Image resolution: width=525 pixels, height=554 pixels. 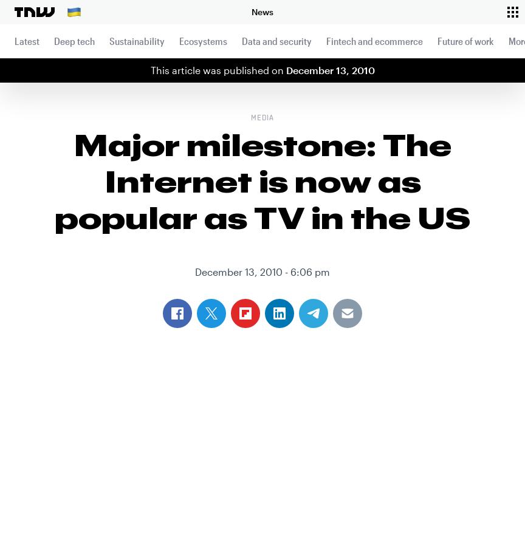 What do you see at coordinates (329, 69) in the screenshot?
I see `'December 13, 2010'` at bounding box center [329, 69].